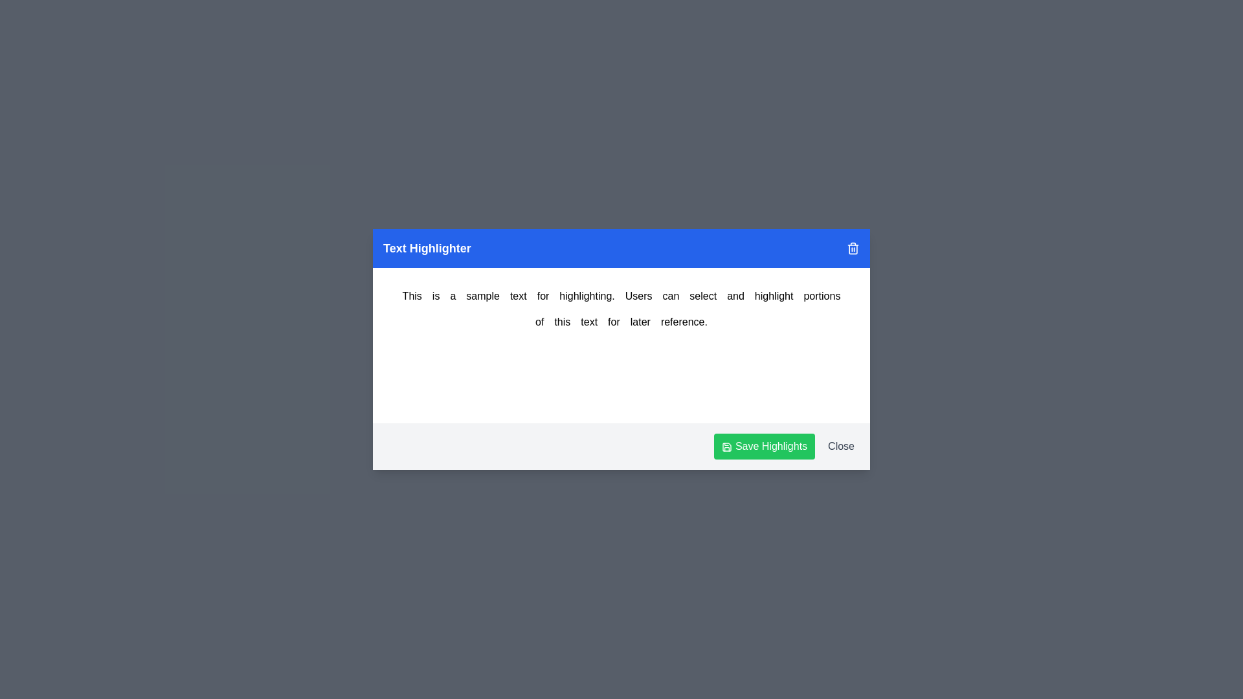  What do you see at coordinates (735, 296) in the screenshot?
I see `the word 'and' by clicking on it` at bounding box center [735, 296].